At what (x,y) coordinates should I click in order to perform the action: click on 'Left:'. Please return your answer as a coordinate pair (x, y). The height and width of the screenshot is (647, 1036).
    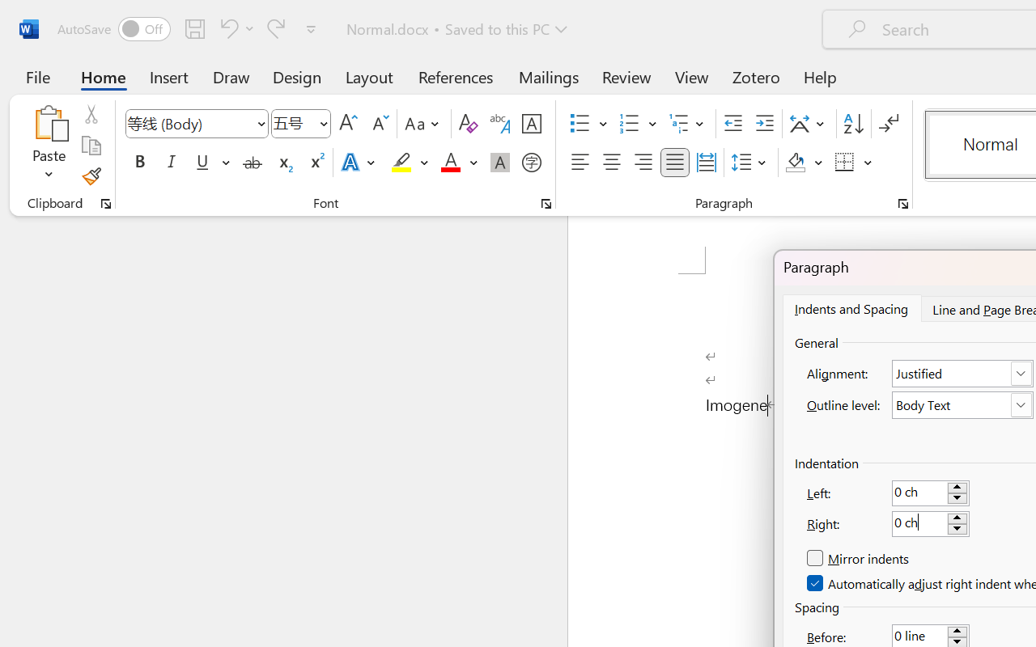
    Looking at the image, I should click on (931, 493).